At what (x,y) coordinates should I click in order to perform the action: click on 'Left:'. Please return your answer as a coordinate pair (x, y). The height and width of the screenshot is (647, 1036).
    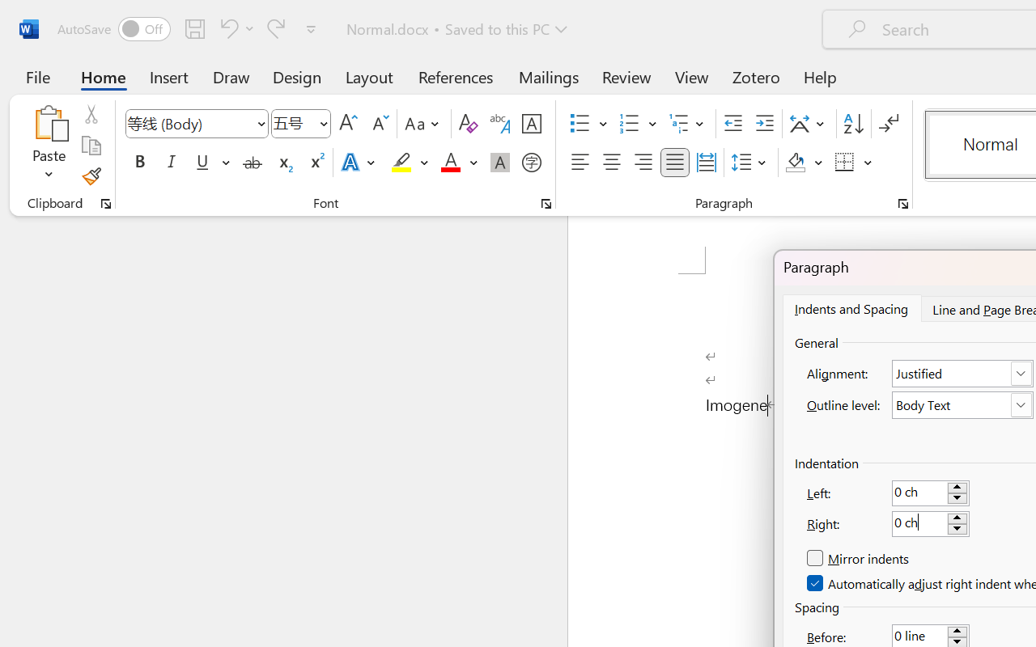
    Looking at the image, I should click on (931, 493).